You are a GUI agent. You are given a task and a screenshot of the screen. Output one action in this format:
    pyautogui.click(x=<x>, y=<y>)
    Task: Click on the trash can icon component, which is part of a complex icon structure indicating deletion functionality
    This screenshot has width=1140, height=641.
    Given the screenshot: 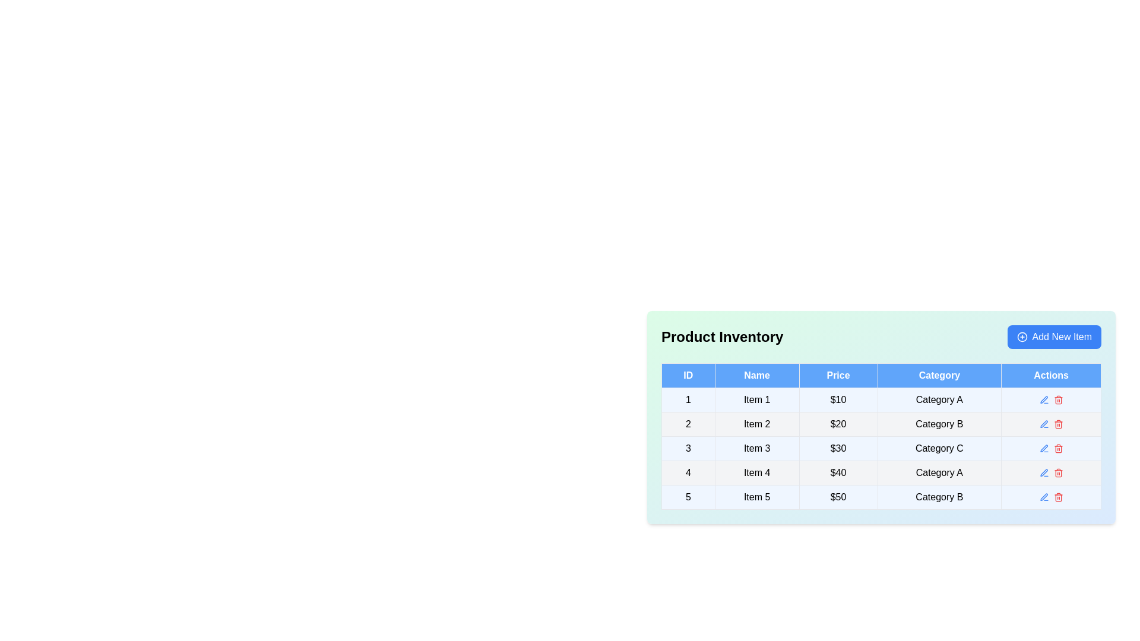 What is the action you would take?
    pyautogui.click(x=1058, y=424)
    